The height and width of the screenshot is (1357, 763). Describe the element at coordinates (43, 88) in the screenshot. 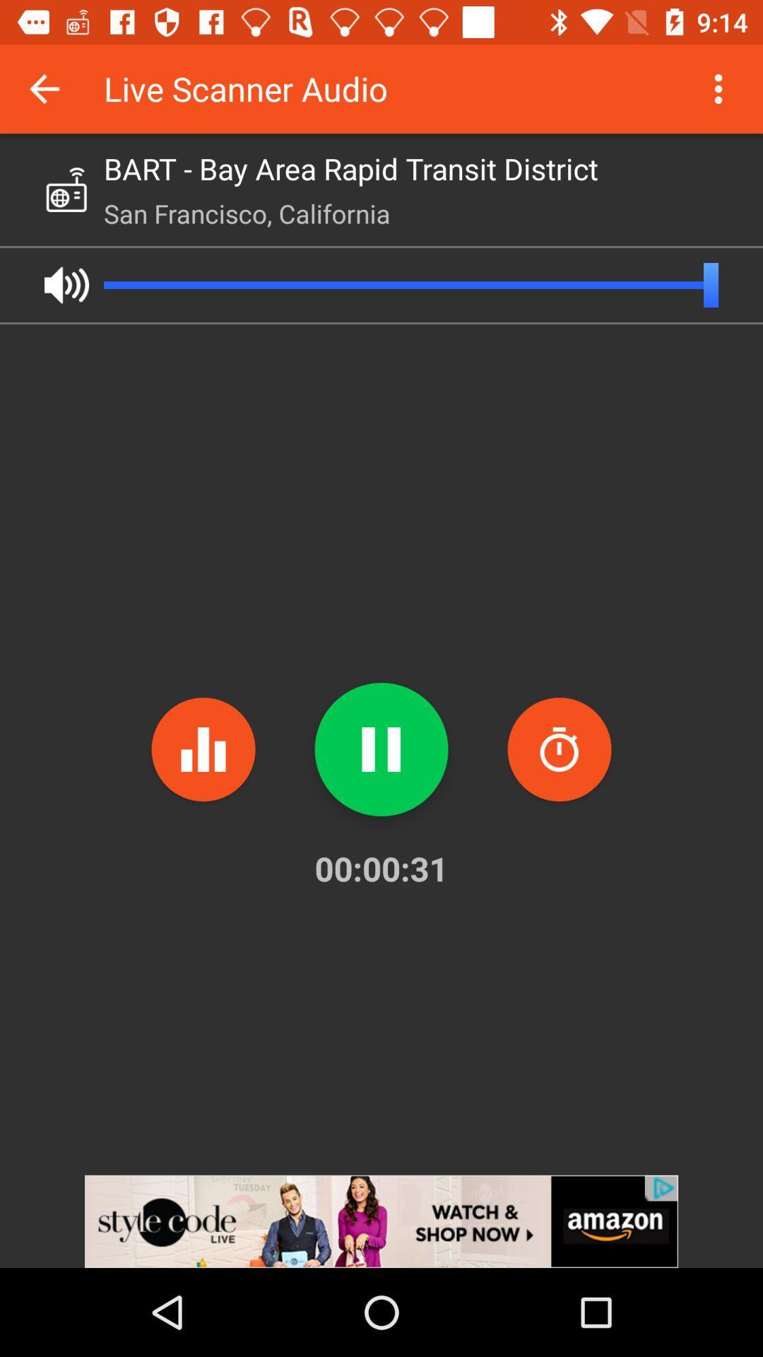

I see `go back` at that location.